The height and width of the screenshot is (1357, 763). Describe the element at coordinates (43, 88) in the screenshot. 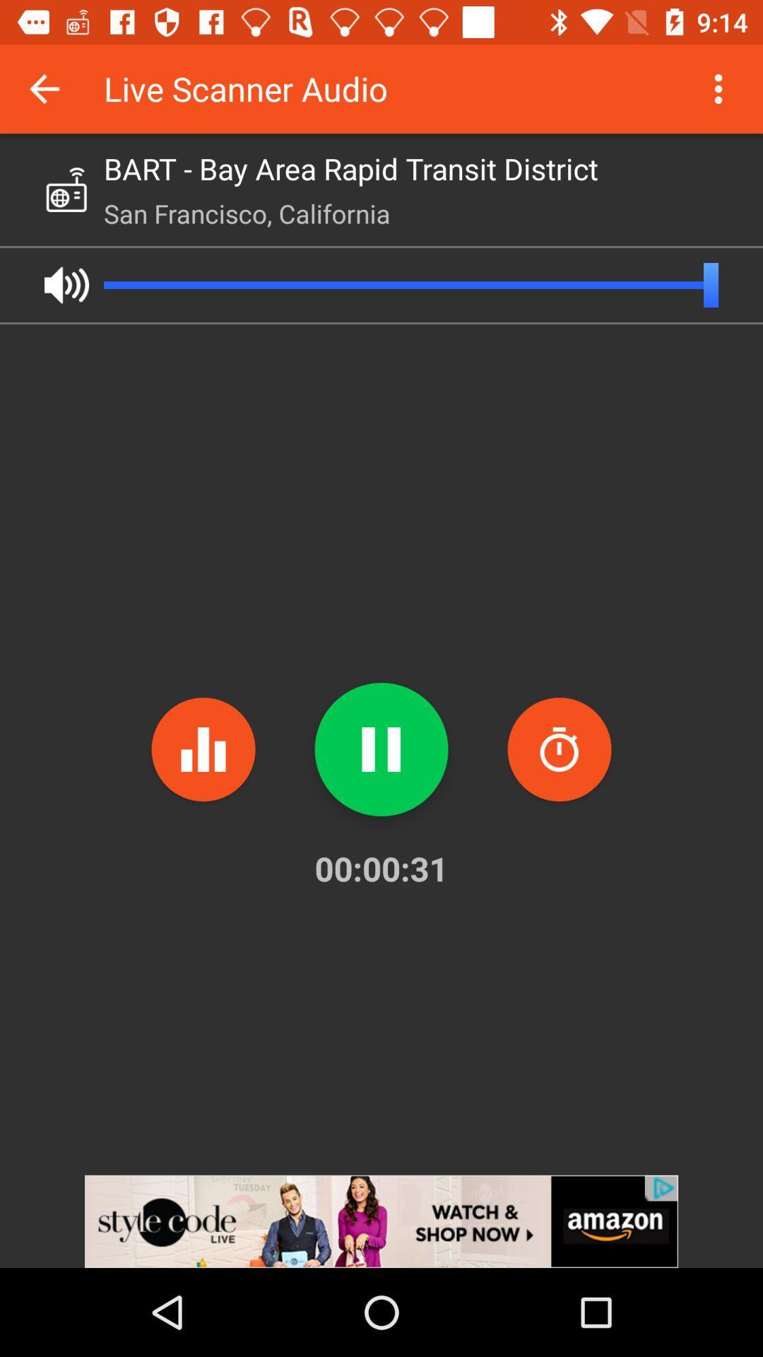

I see `go back` at that location.